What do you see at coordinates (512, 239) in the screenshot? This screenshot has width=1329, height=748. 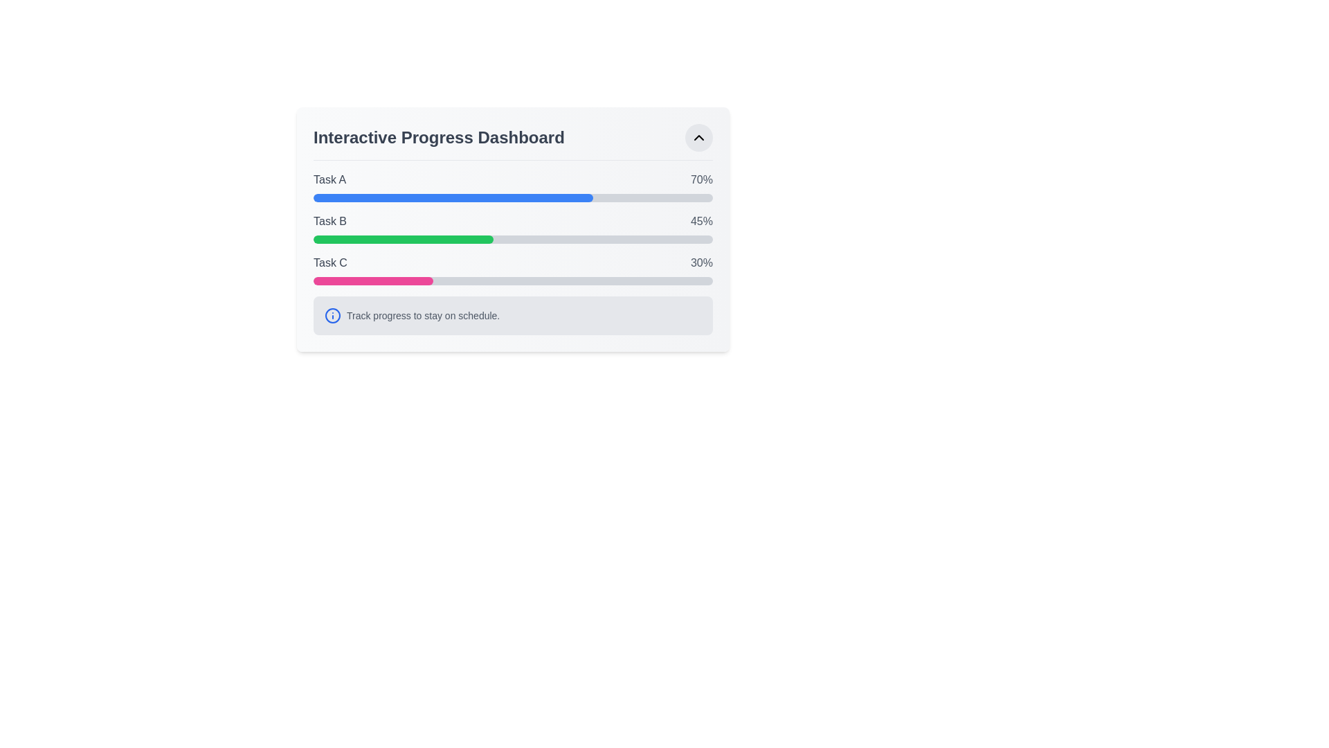 I see `progress bar that visually represents the completion of 'Task B', currently showing 45% completion, located below the 'Task B' text and above 'Task C'` at bounding box center [512, 239].